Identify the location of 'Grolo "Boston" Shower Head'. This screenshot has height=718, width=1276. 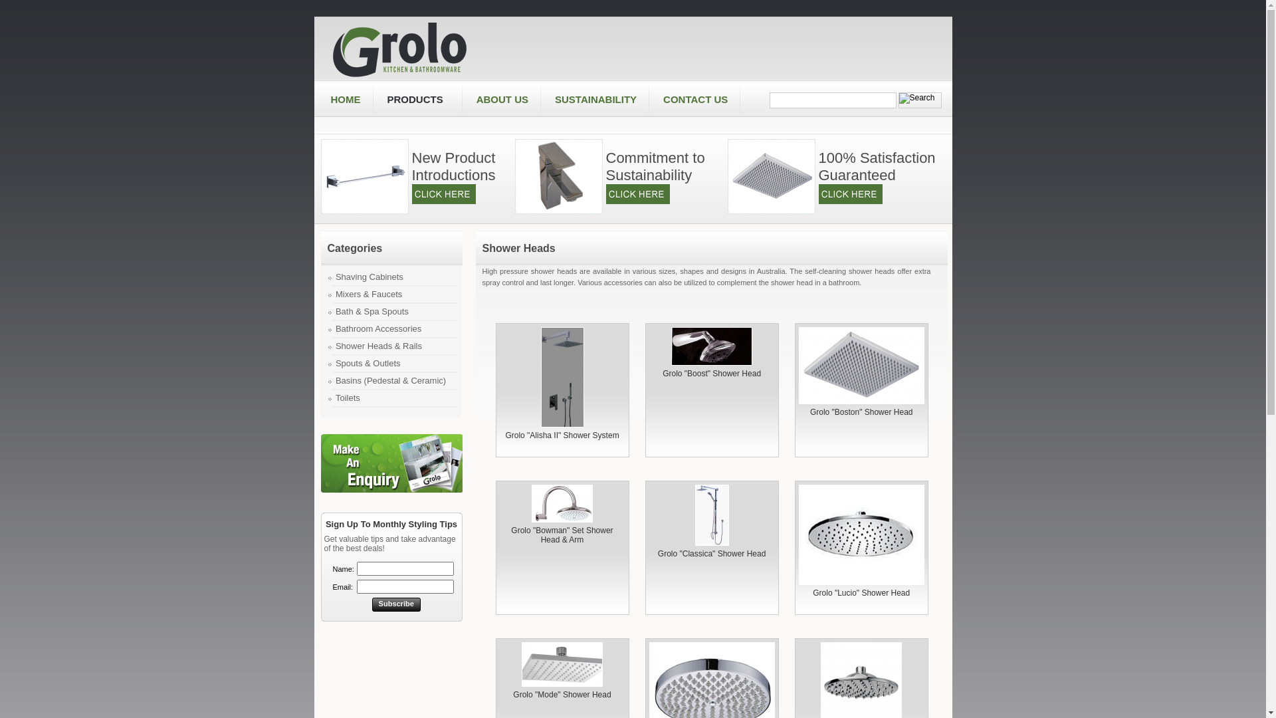
(861, 412).